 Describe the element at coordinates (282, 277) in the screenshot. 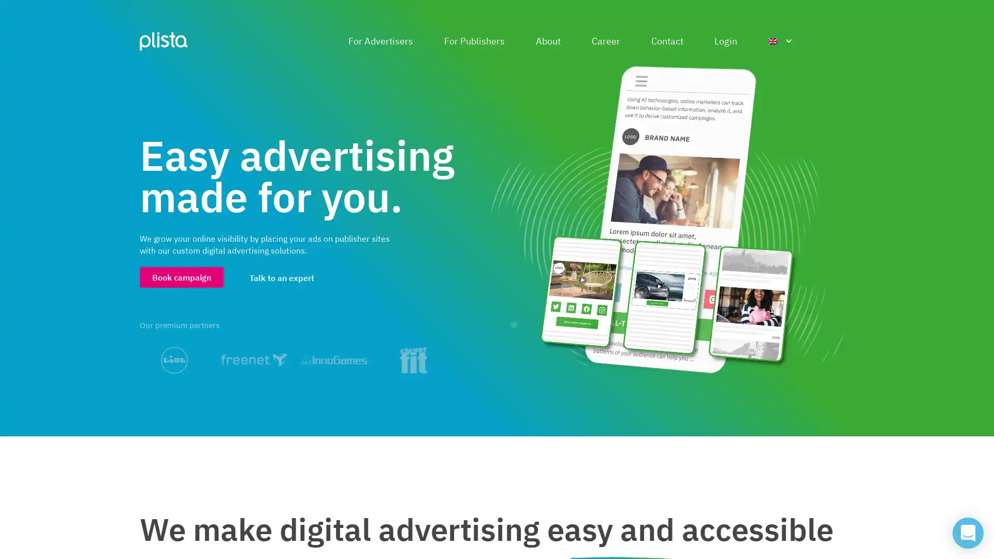

I see `Talk to an expert` at that location.